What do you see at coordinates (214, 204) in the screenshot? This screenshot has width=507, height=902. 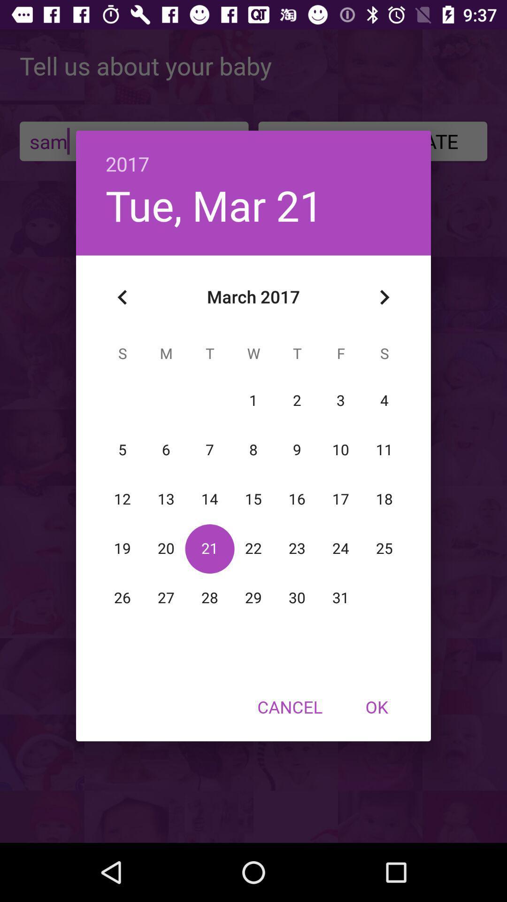 I see `the icon below 2017 item` at bounding box center [214, 204].